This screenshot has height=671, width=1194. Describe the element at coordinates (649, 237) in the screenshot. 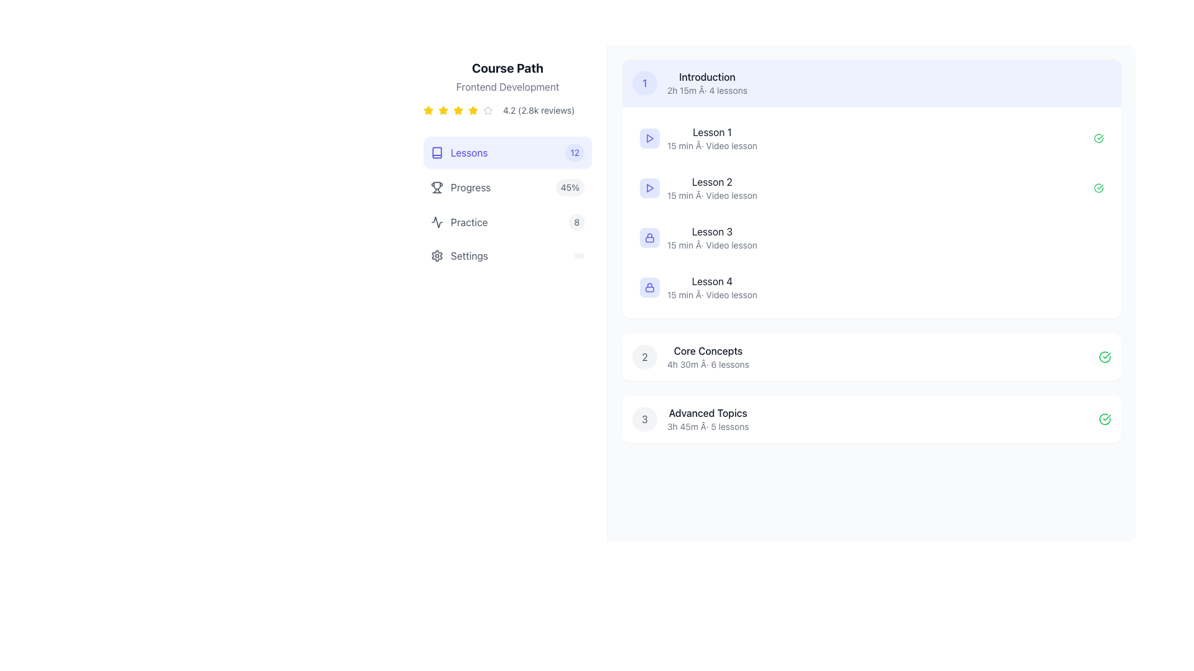

I see `the locked state icon, which is a small square with a rounded corner design and a lock symbol, located to the left of the text label 'Lesson 3'` at that location.